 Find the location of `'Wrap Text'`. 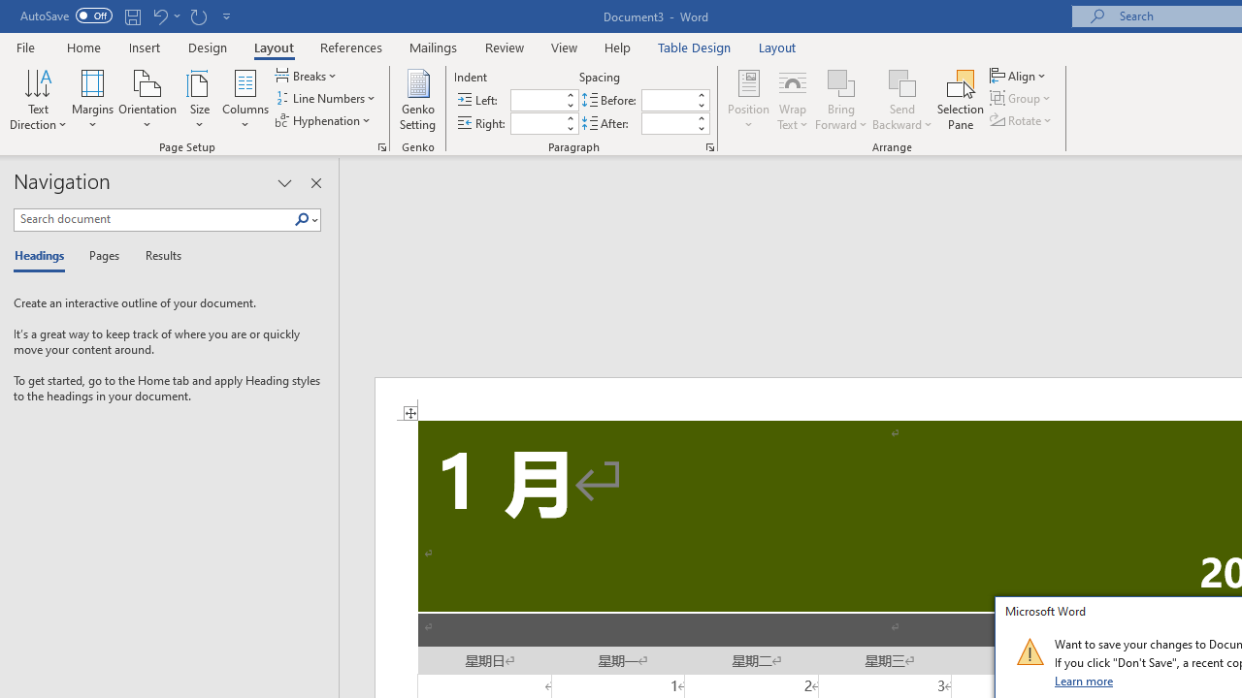

'Wrap Text' is located at coordinates (793, 100).